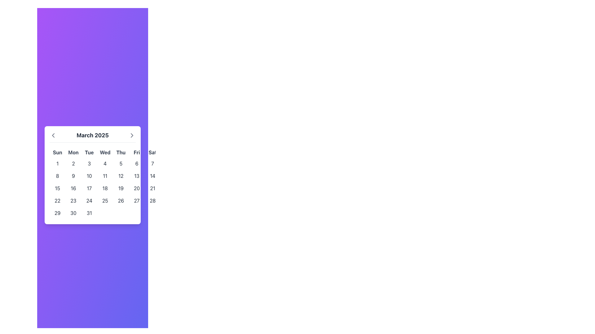  What do you see at coordinates (152, 176) in the screenshot?
I see `the selectable date item box containing the number '14'` at bounding box center [152, 176].